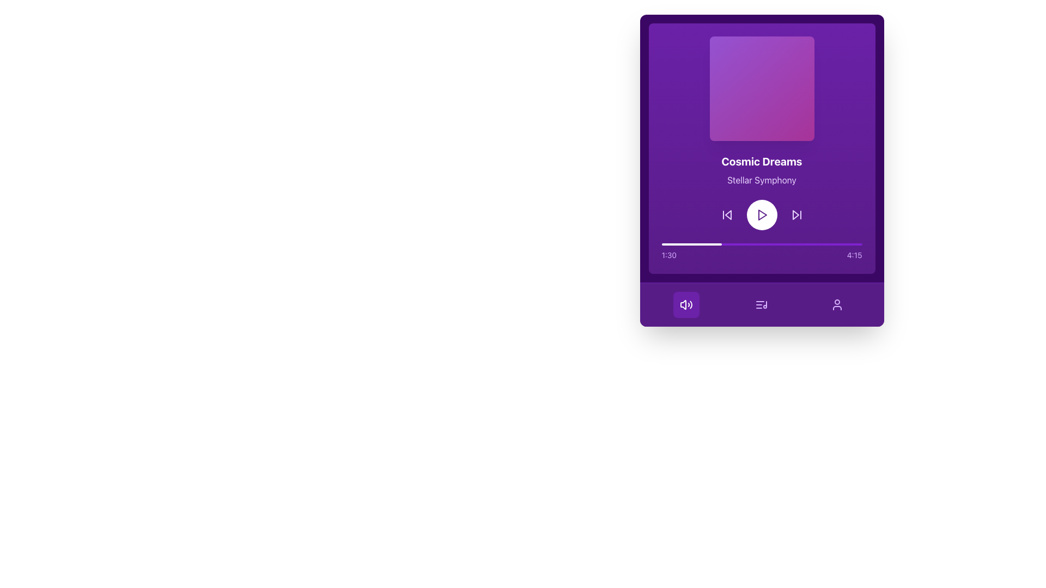  I want to click on the small purple button with a music playlist icon for navigation, so click(761, 304).